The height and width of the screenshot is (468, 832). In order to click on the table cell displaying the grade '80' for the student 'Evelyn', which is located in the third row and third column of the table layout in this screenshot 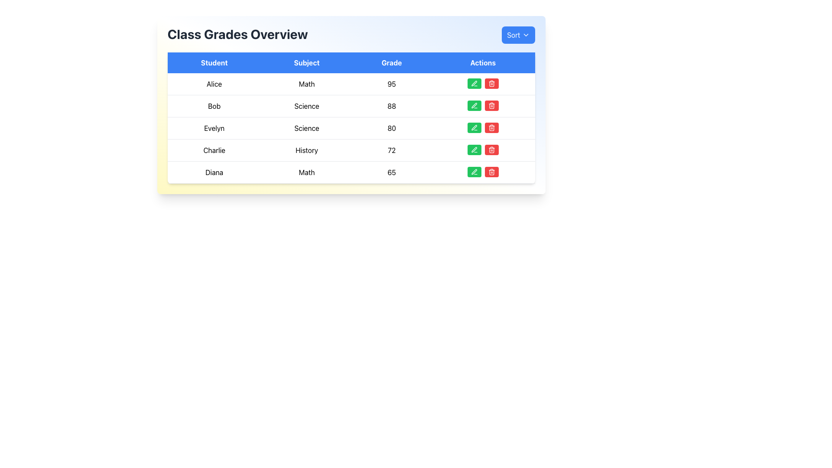, I will do `click(391, 128)`.